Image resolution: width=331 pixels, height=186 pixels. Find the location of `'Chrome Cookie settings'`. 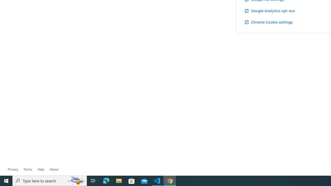

'Chrome Cookie settings' is located at coordinates (268, 22).